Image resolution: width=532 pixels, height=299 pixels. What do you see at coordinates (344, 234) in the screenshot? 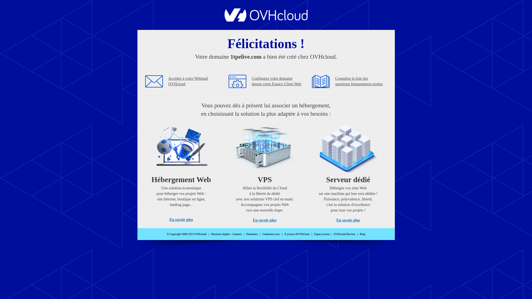
I see `'OVHcloud Recrute'` at bounding box center [344, 234].